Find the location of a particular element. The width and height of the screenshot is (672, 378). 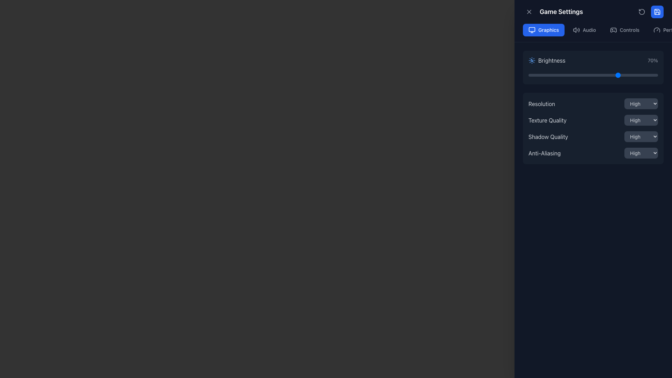

brightness is located at coordinates (645, 75).